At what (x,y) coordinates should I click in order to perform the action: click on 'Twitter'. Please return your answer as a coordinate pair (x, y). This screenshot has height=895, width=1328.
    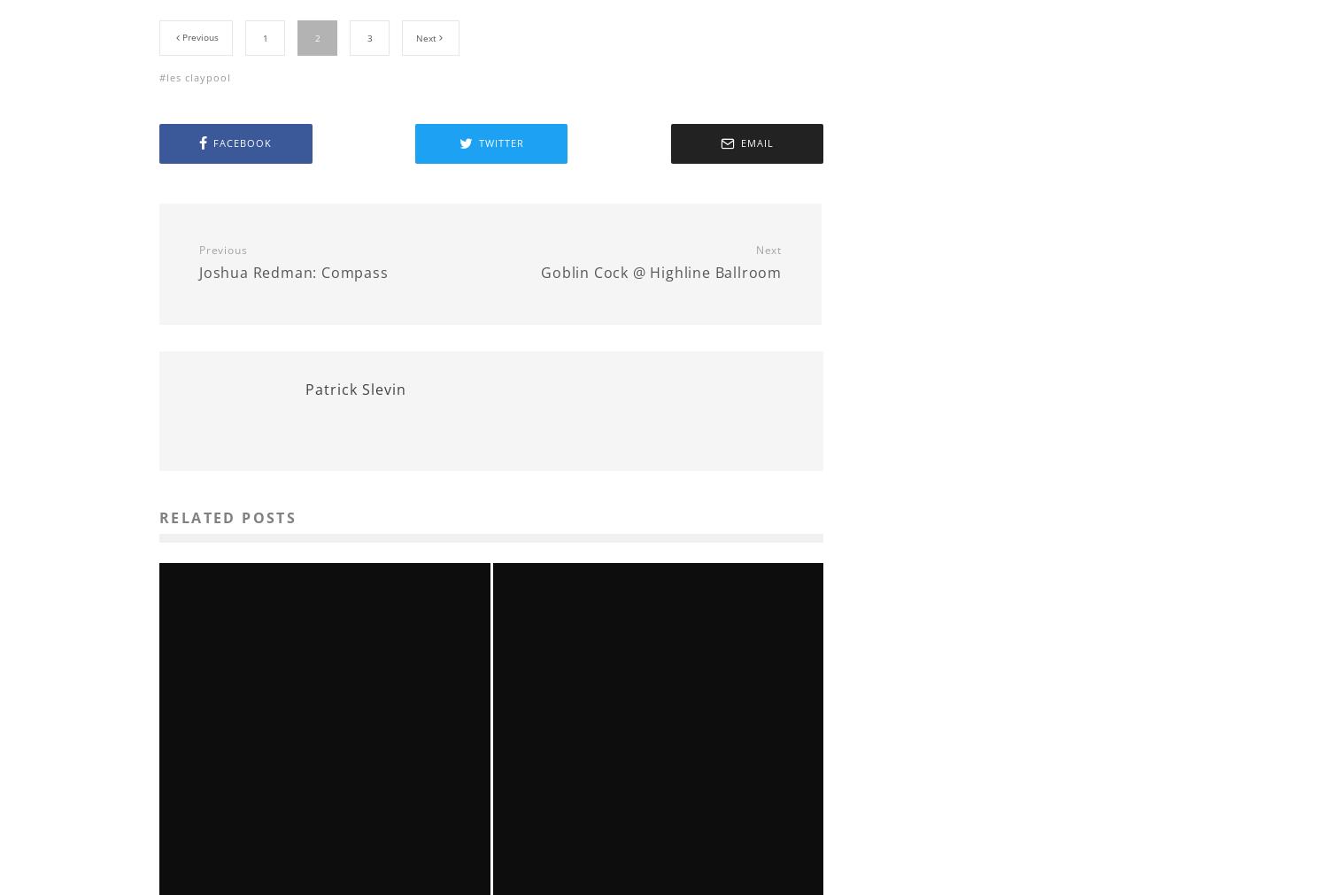
    Looking at the image, I should click on (499, 141).